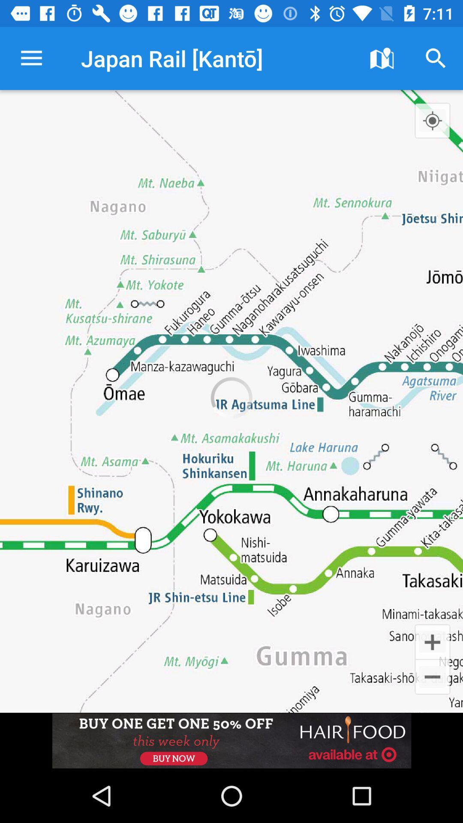 This screenshot has width=463, height=823. What do you see at coordinates (432, 120) in the screenshot?
I see `the location_crosshair icon` at bounding box center [432, 120].